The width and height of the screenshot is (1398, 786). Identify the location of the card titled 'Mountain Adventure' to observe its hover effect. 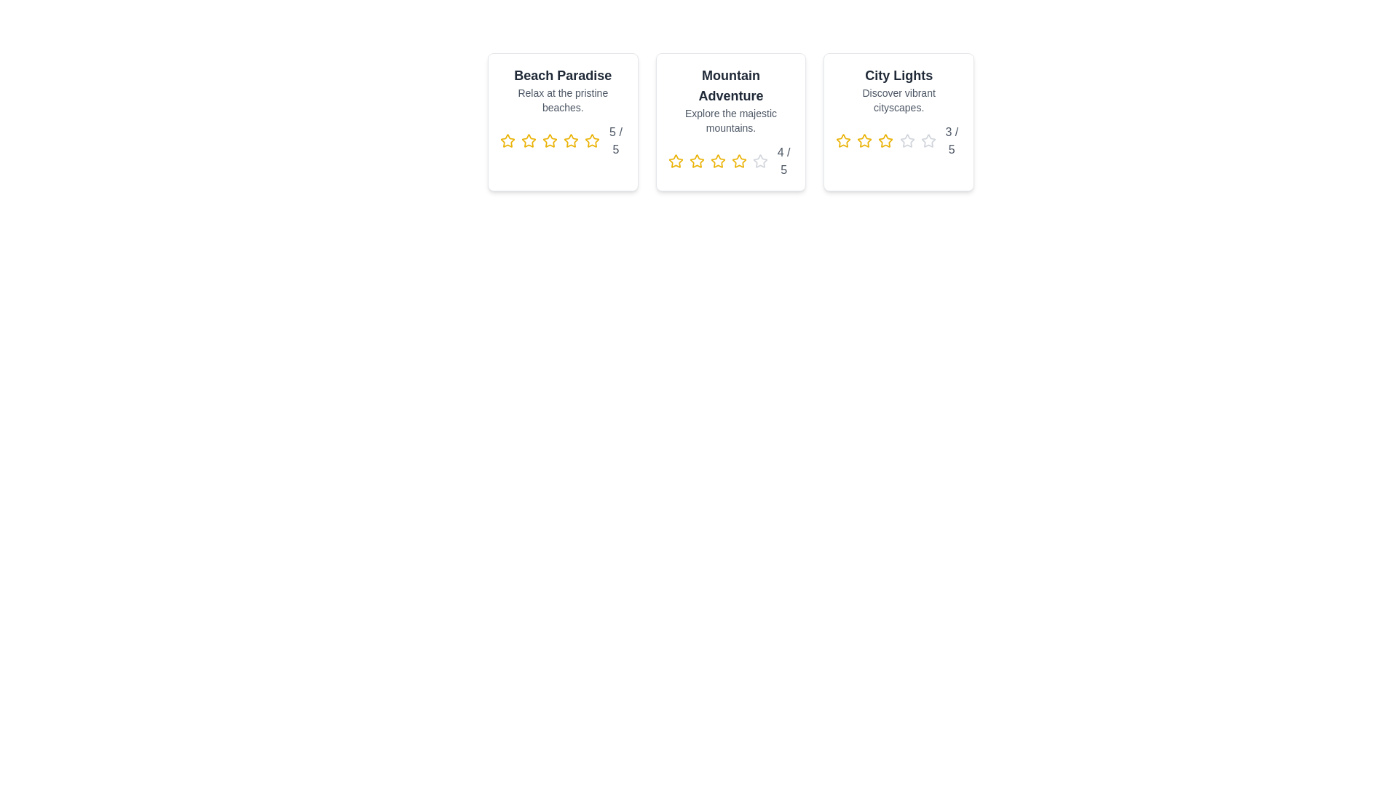
(730, 122).